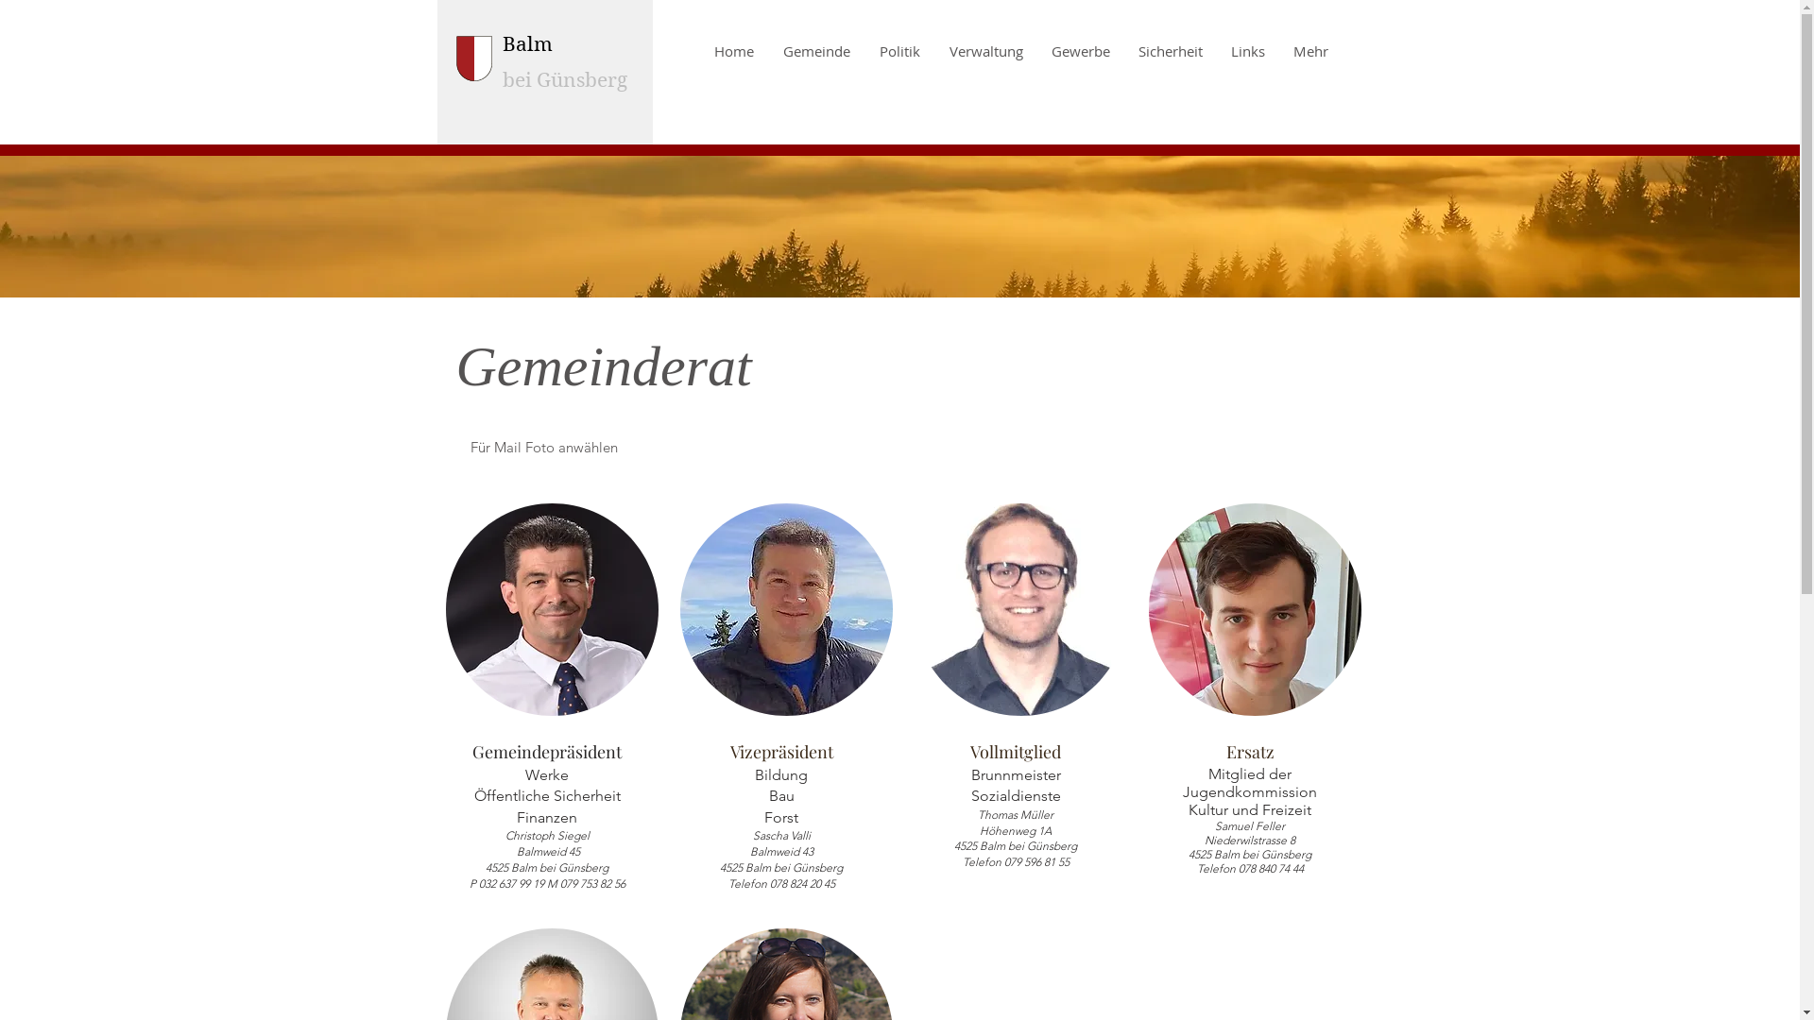 This screenshot has height=1020, width=1814. What do you see at coordinates (472, 57) in the screenshot?
I see `'wappe_klein.png'` at bounding box center [472, 57].